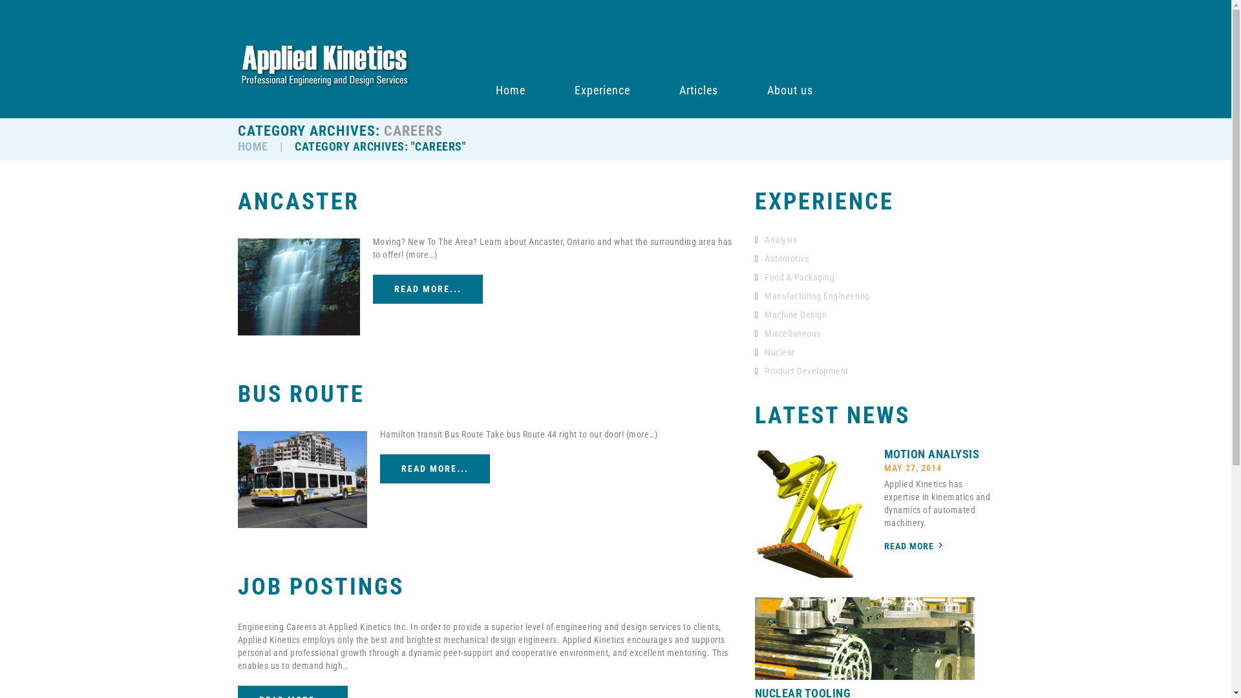 The image size is (1241, 698). I want to click on 'Manufacturing Engineering', so click(816, 296).